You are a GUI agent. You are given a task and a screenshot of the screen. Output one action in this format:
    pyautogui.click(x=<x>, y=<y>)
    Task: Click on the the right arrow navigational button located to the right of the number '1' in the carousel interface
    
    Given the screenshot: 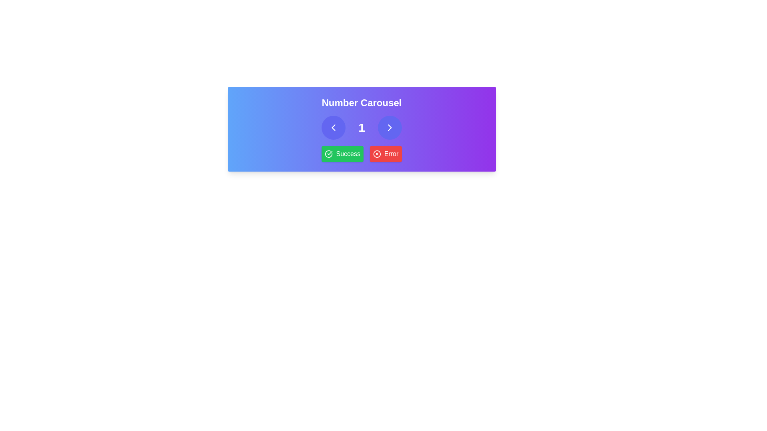 What is the action you would take?
    pyautogui.click(x=389, y=127)
    